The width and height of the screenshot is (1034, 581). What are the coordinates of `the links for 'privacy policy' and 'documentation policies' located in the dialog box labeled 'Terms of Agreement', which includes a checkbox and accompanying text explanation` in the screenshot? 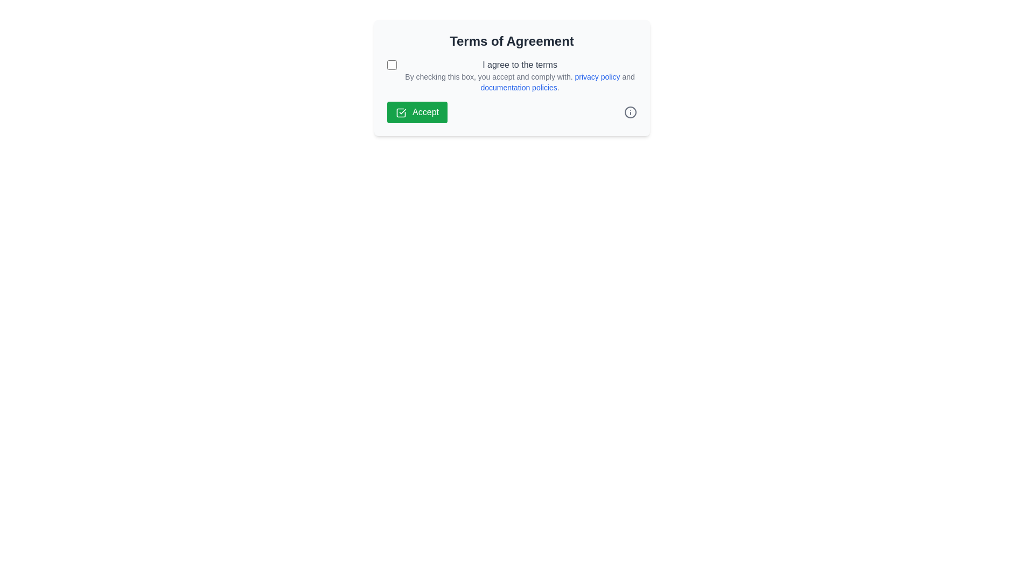 It's located at (511, 75).